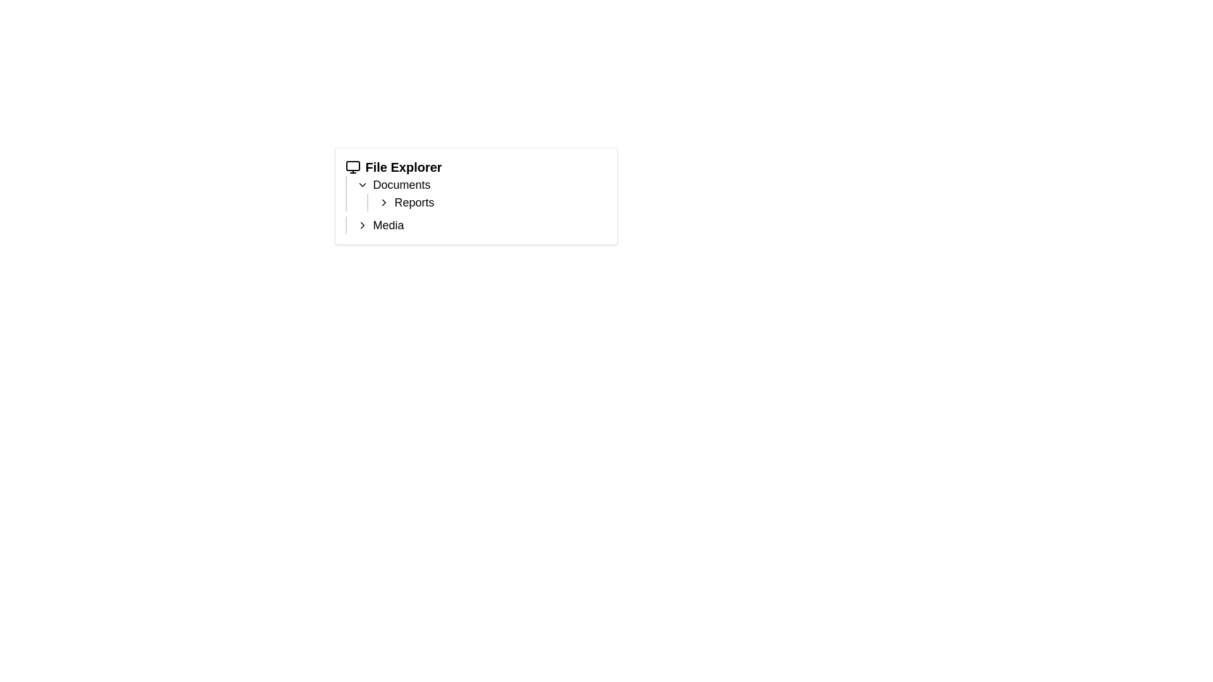  Describe the element at coordinates (387, 225) in the screenshot. I see `the 'Media' text label, which is displayed in a medium-sized bold font and is aligned with a chevron-right icon, located within the 'File Explorer' navigation structure` at that location.